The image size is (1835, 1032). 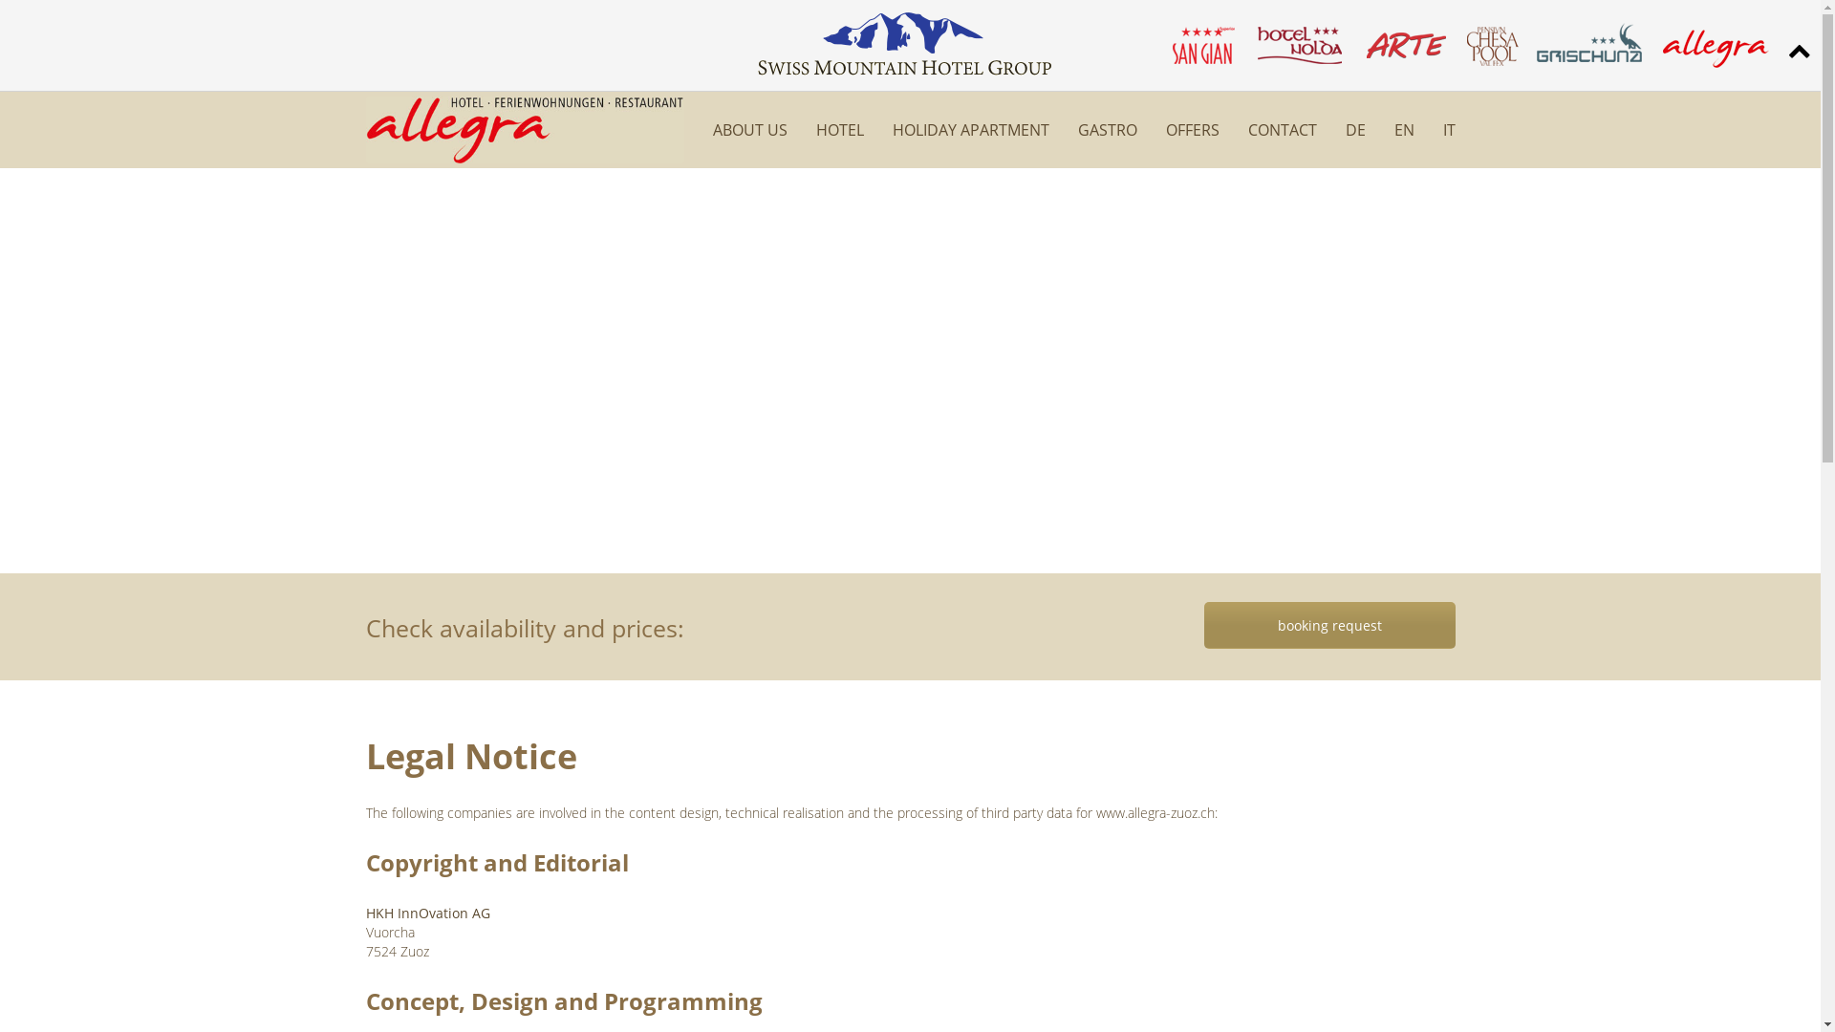 What do you see at coordinates (1078, 129) in the screenshot?
I see `'GASTRO'` at bounding box center [1078, 129].